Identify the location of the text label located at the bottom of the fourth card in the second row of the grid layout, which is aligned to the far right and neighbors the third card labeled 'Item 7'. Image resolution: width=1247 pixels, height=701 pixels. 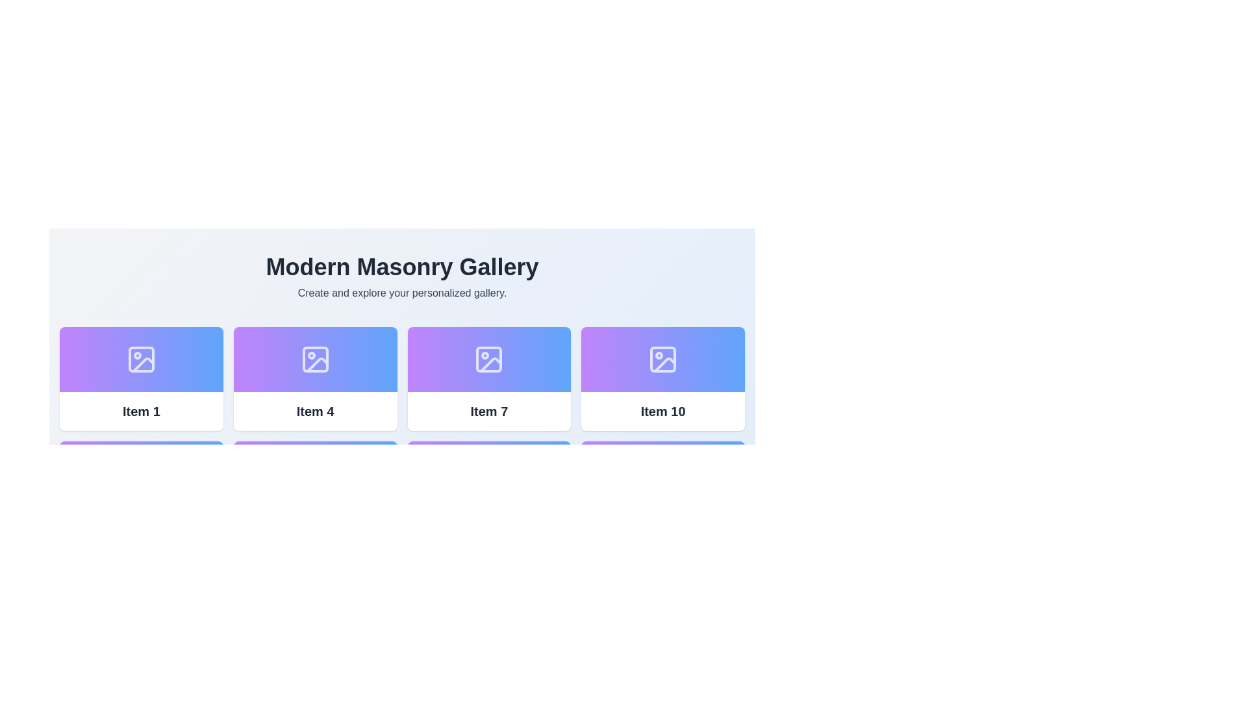
(663, 411).